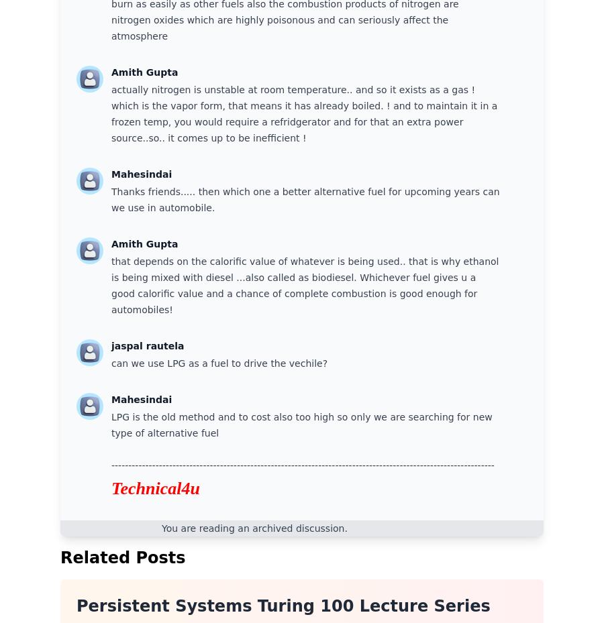 The height and width of the screenshot is (623, 604). I want to click on 'Thanks friends.....  then which one a better alternative fuel for upcoming years can we use in automobile.', so click(111, 200).